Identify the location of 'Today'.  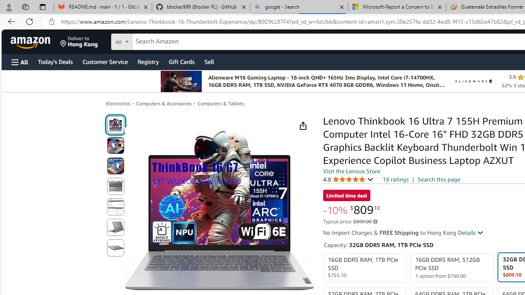
(55, 61).